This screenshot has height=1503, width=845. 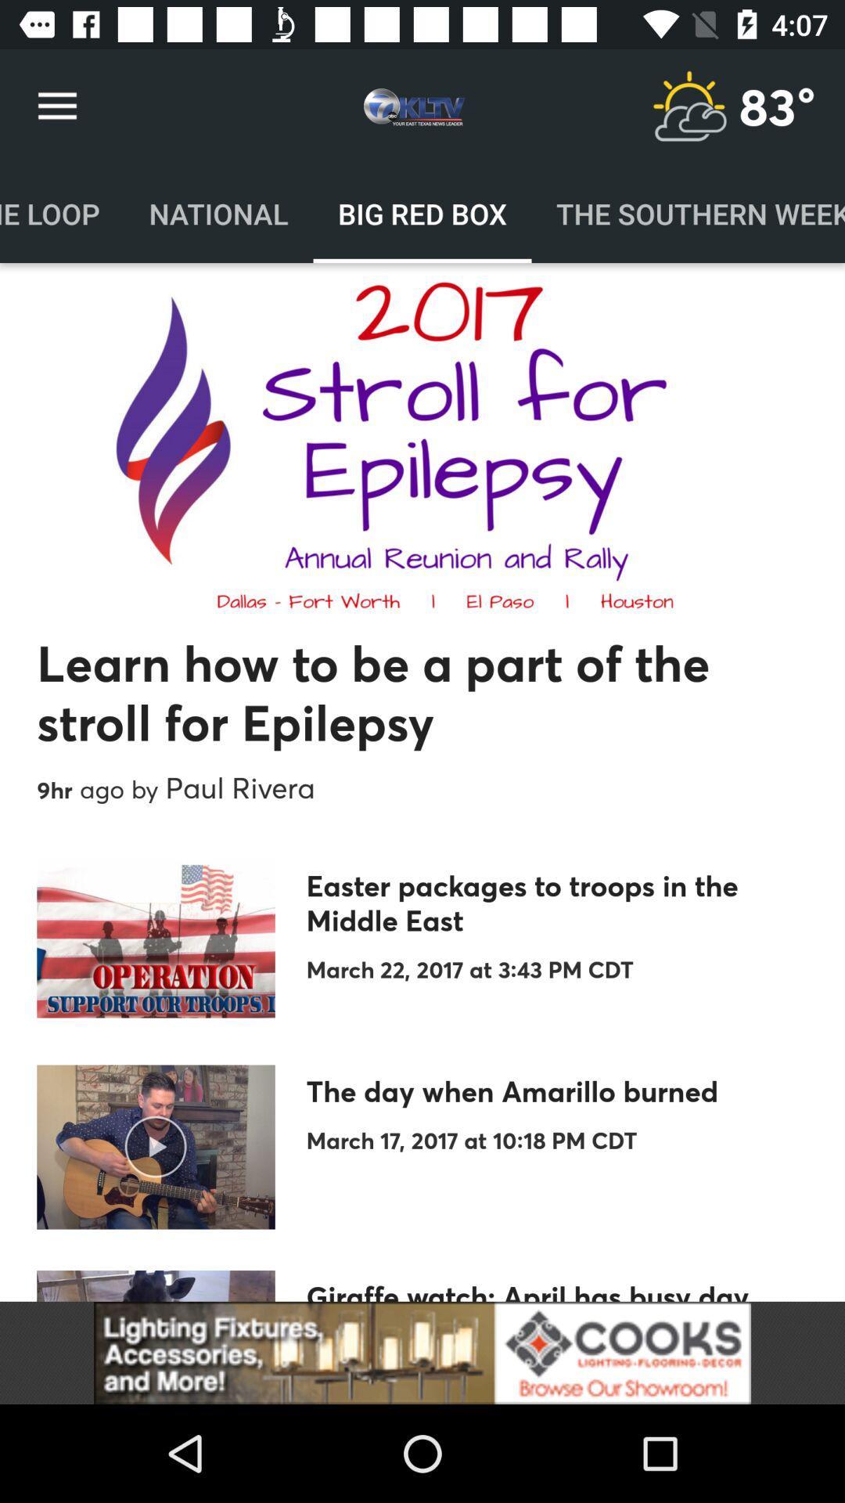 I want to click on temperature button, so click(x=689, y=106).